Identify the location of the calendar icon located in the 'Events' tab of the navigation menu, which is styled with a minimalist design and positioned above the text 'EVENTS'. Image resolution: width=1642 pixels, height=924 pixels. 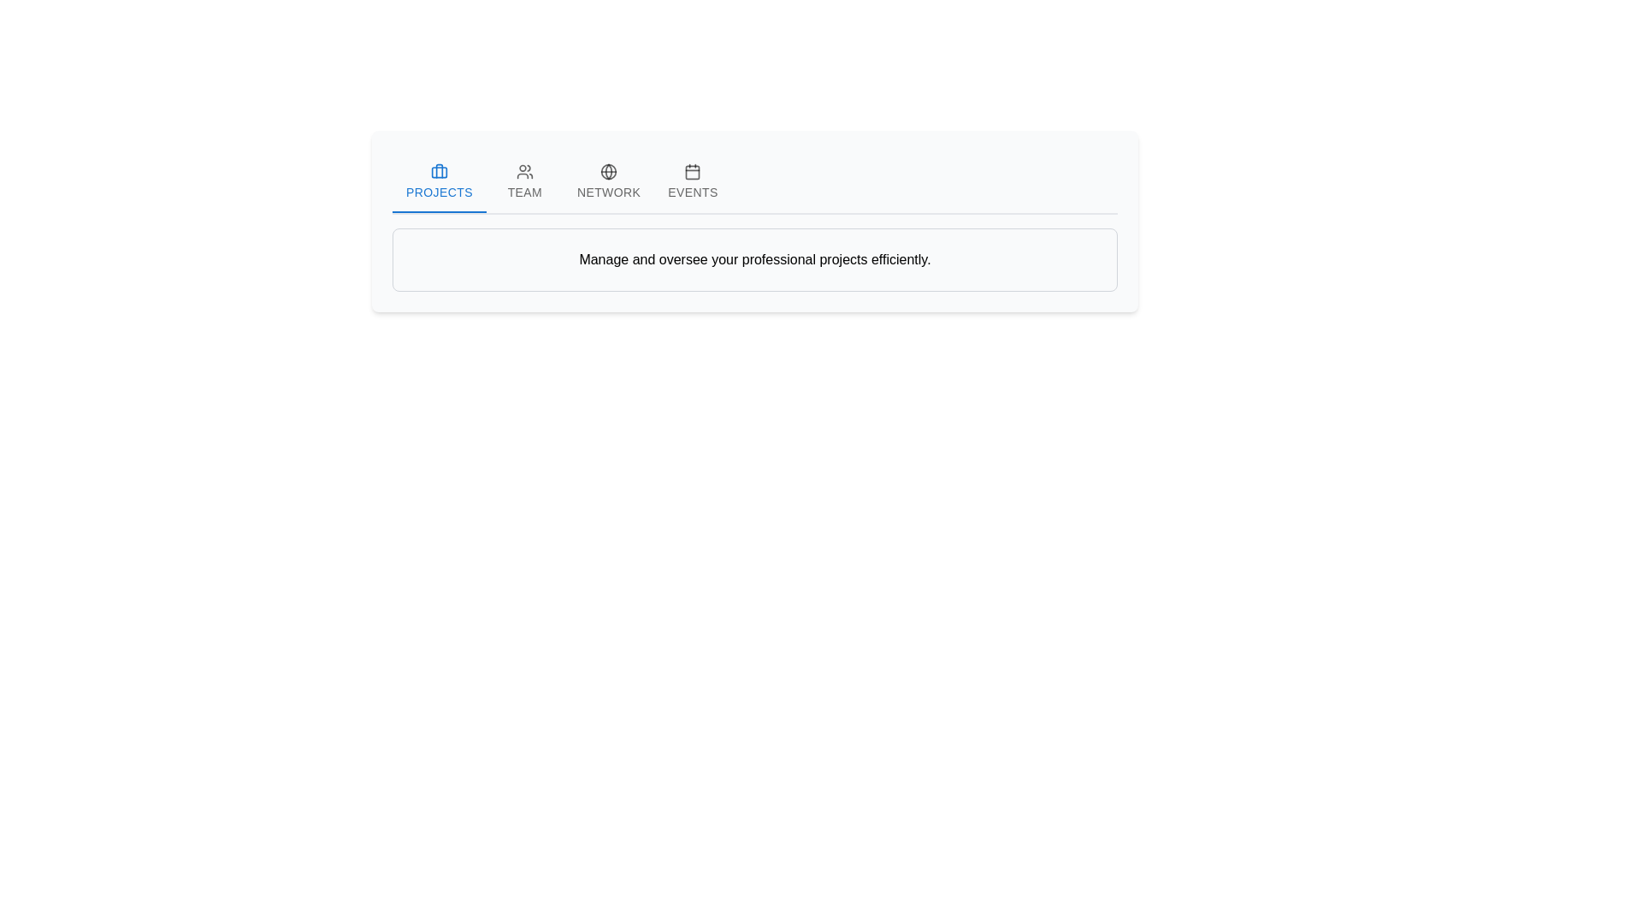
(693, 172).